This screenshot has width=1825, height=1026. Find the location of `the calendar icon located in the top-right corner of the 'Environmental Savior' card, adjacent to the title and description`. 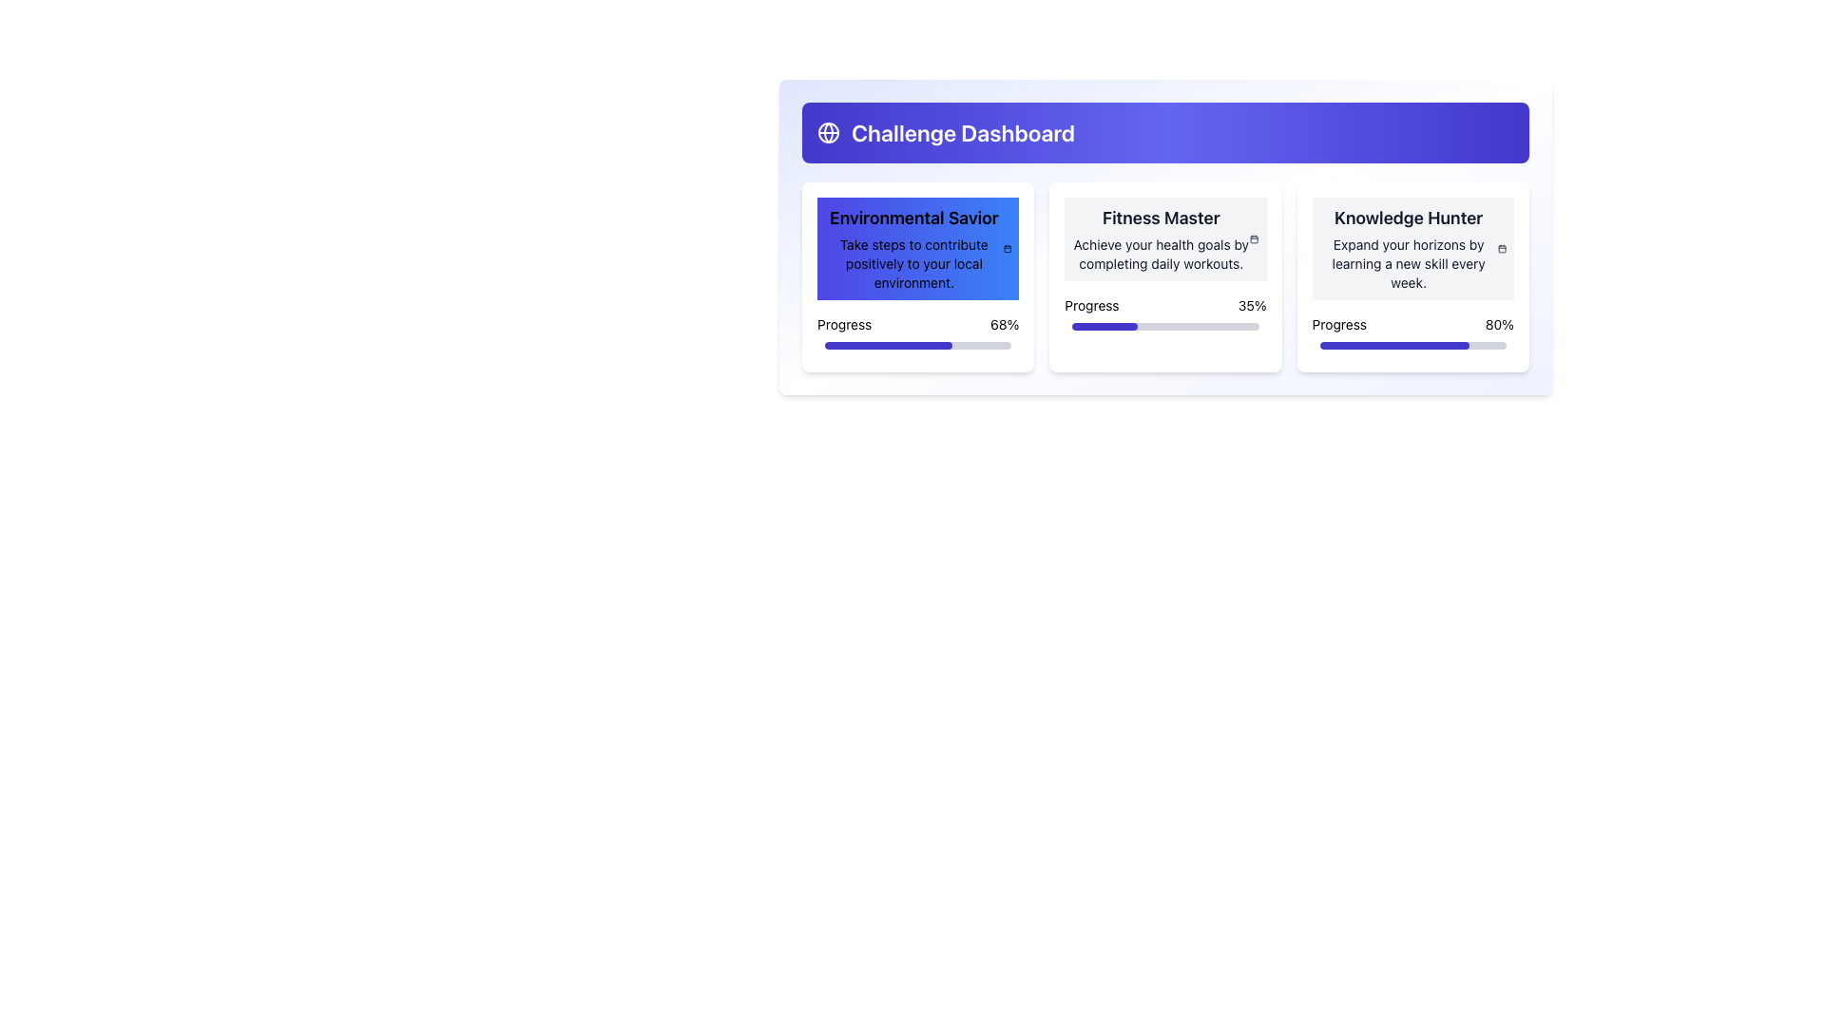

the calendar icon located in the top-right corner of the 'Environmental Savior' card, adjacent to the title and description is located at coordinates (1007, 248).